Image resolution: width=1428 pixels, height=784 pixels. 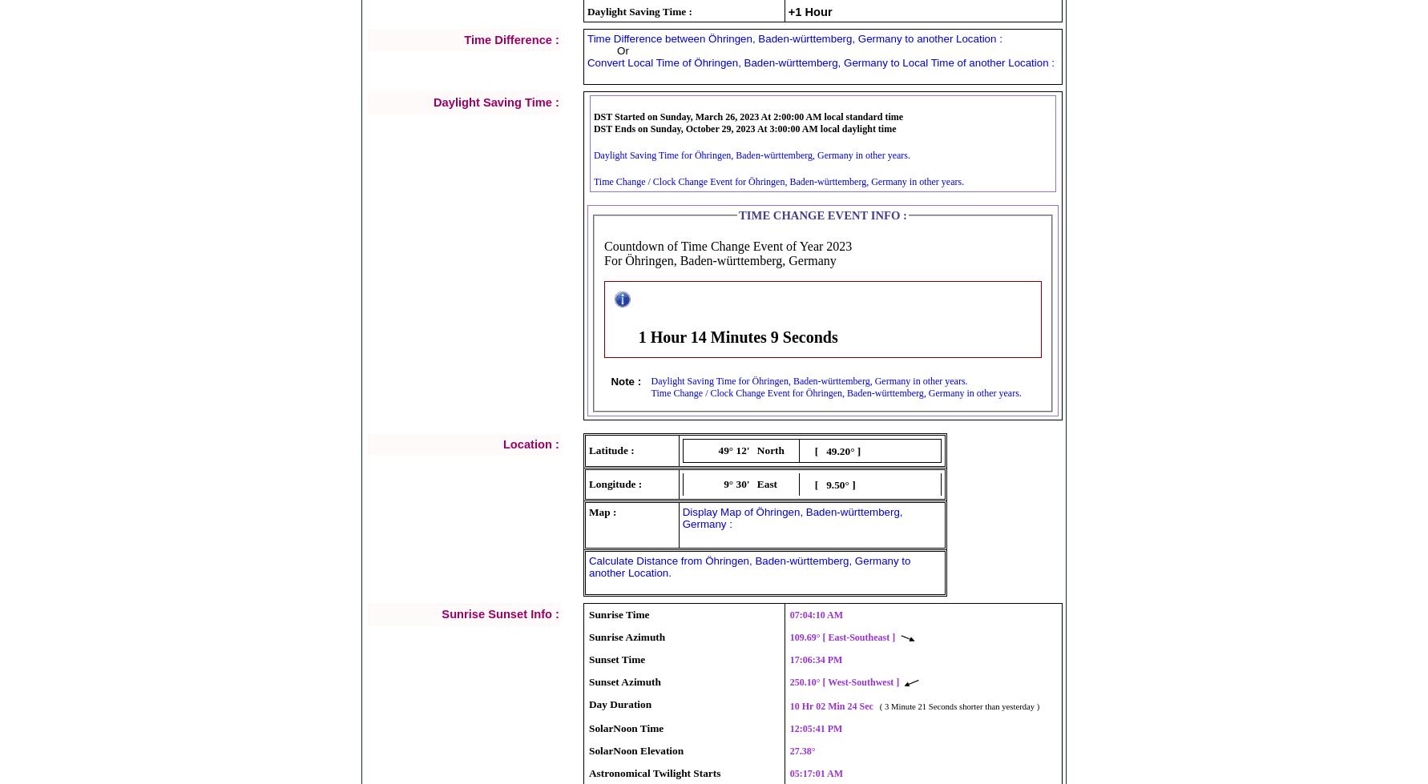 What do you see at coordinates (813, 484) in the screenshot?
I see `'[   9.50° ]'` at bounding box center [813, 484].